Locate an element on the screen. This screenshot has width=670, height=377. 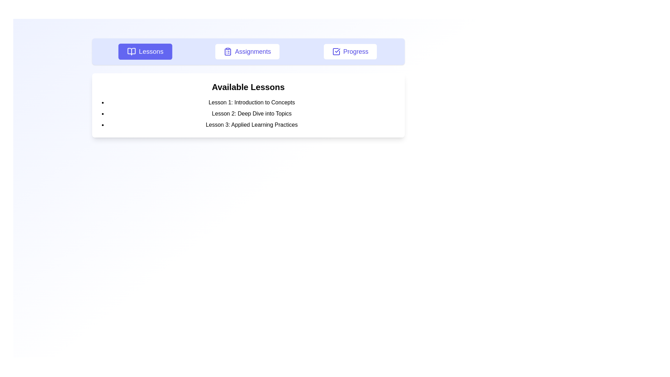
the 'Progress' text label located within the third button of the main navigation bar to observe its hover styles is located at coordinates (356, 51).